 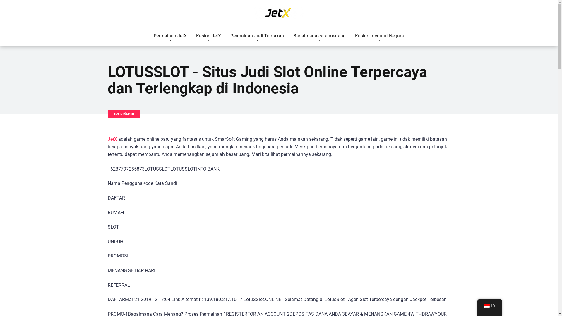 I want to click on 'Indonesian', so click(x=486, y=305).